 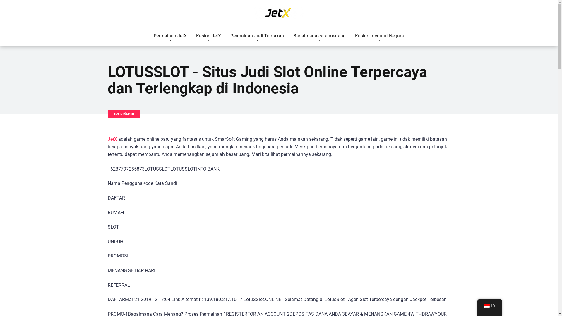 I want to click on 'Indonesian', so click(x=486, y=305).